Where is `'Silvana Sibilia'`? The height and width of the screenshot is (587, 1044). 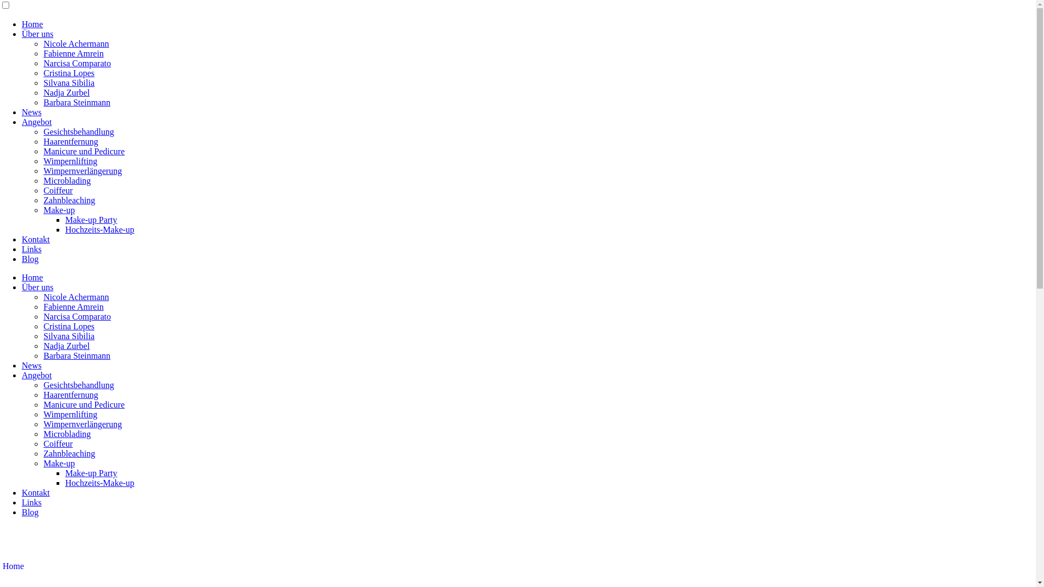 'Silvana Sibilia' is located at coordinates (43, 82).